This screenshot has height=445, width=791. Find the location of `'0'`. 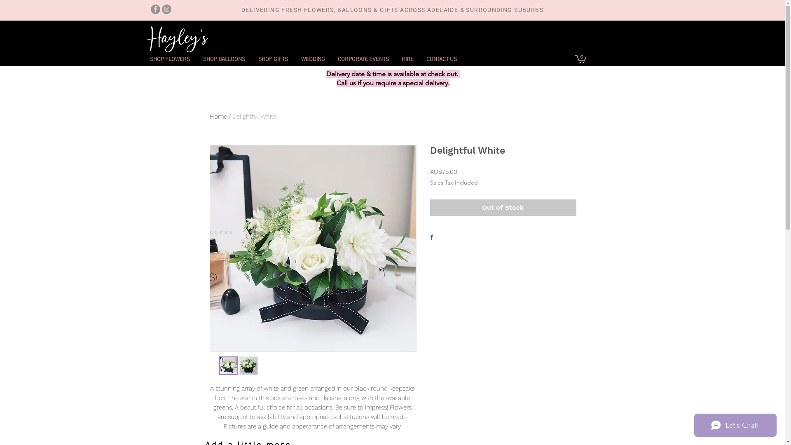

'0' is located at coordinates (580, 58).